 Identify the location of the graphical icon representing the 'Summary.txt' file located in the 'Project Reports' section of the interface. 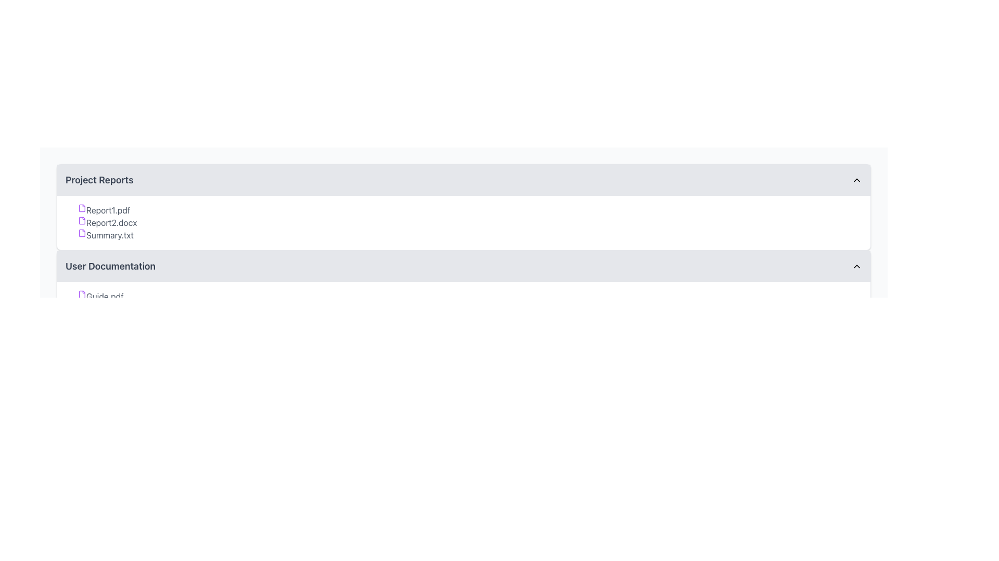
(82, 232).